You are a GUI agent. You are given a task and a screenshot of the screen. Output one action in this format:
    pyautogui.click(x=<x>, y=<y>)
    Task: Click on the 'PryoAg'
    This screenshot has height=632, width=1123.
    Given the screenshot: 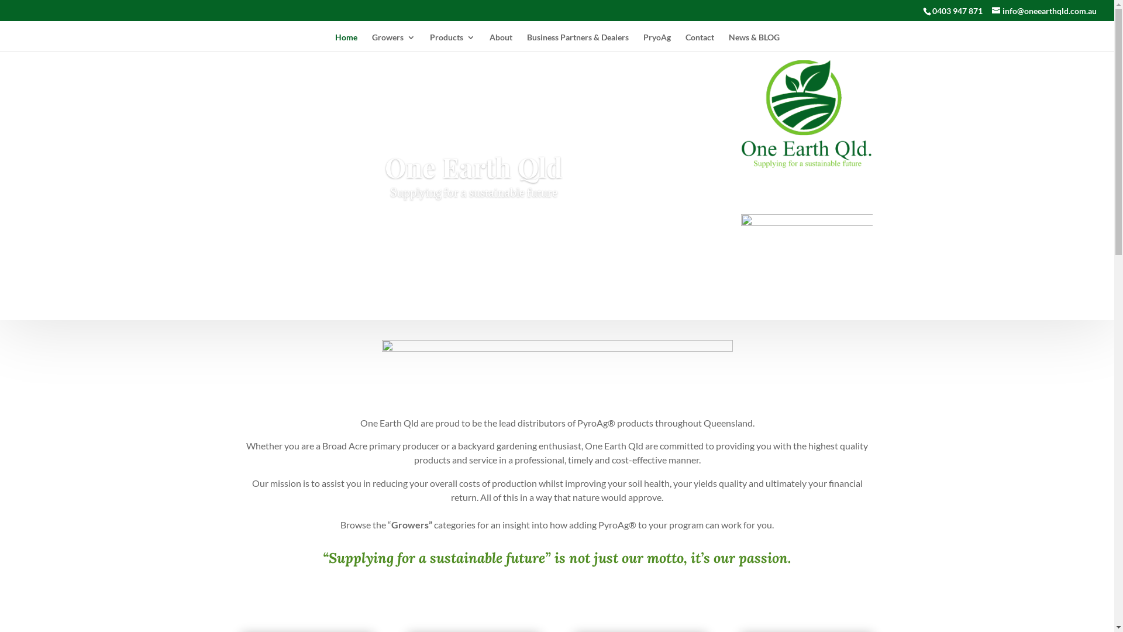 What is the action you would take?
    pyautogui.click(x=657, y=42)
    